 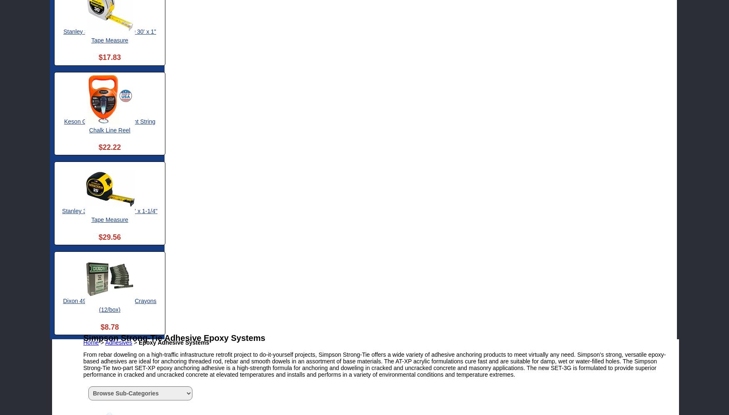 What do you see at coordinates (109, 215) in the screenshot?
I see `'Stanley 33-725 FatMax® 25' x 1-1/4" Tape Measure'` at bounding box center [109, 215].